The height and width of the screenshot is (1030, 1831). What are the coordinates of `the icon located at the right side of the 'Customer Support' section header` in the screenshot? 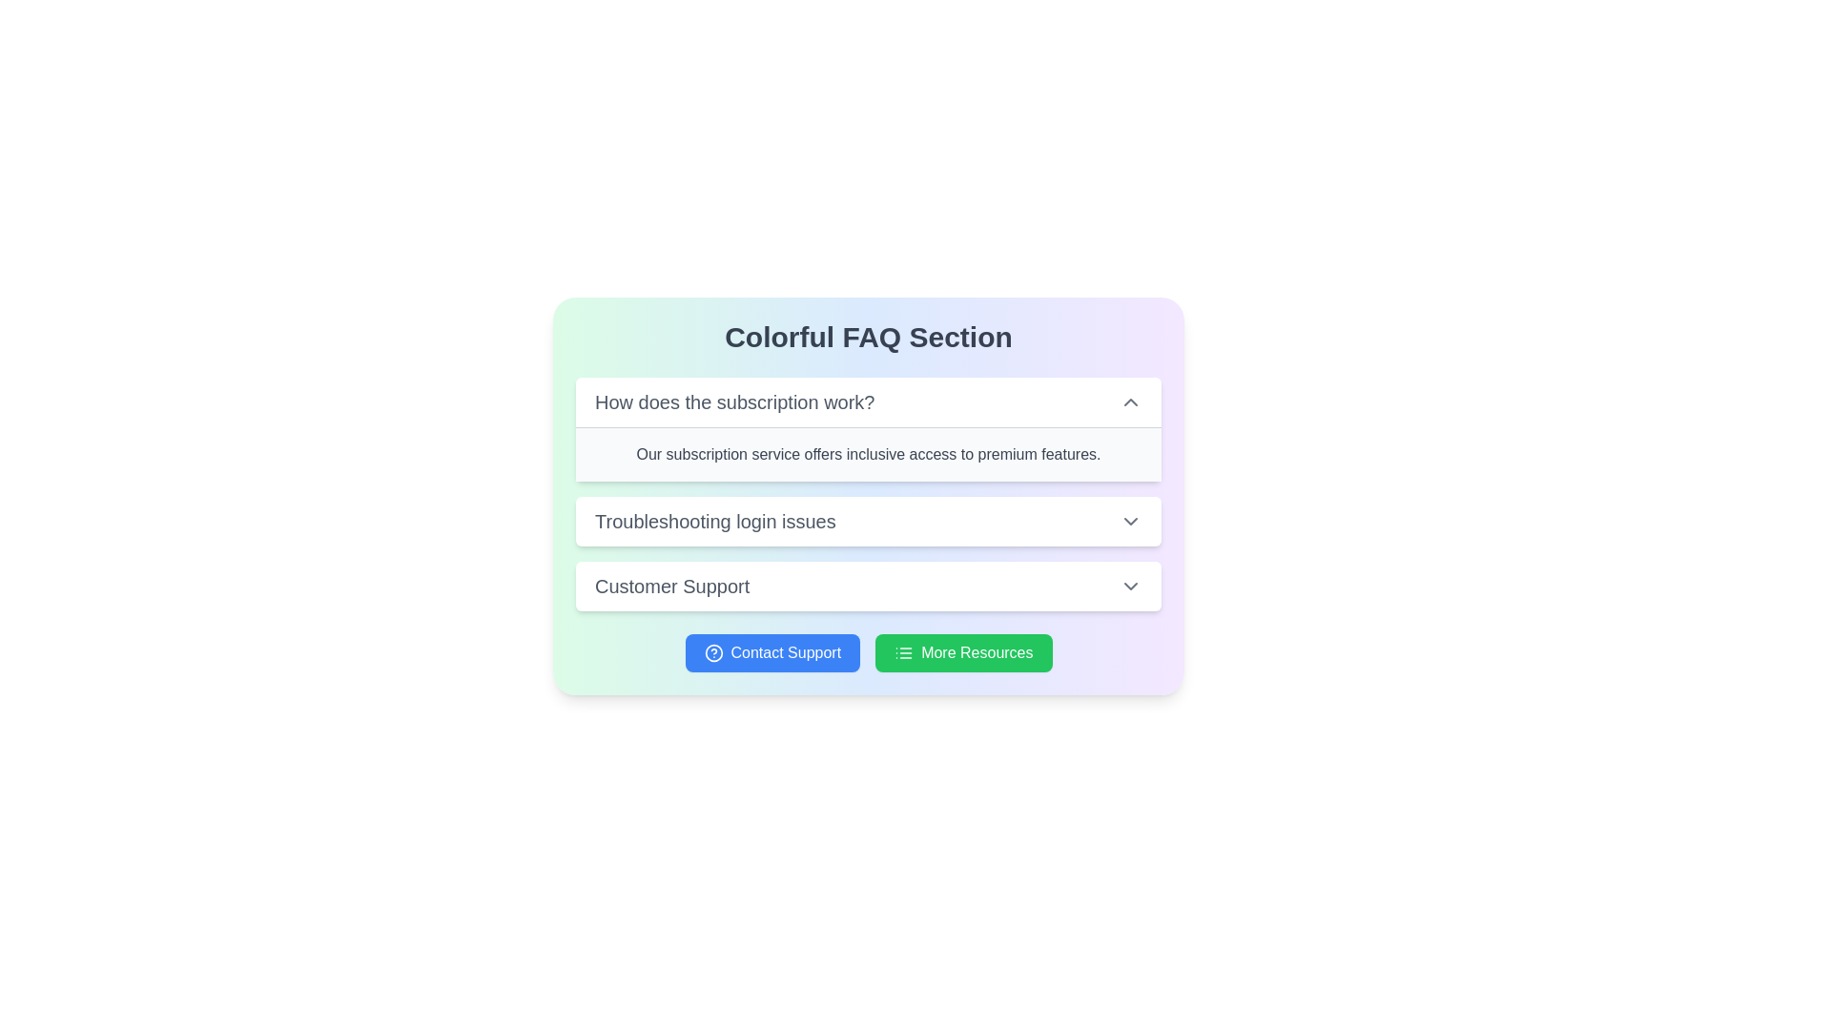 It's located at (1130, 585).